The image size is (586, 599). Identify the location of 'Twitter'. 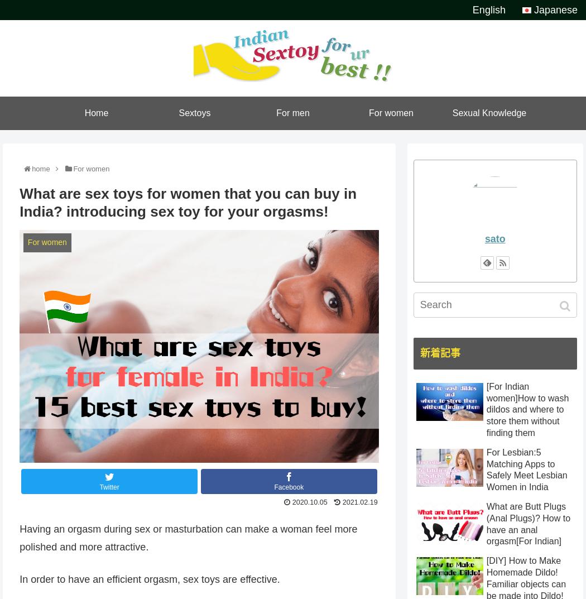
(108, 486).